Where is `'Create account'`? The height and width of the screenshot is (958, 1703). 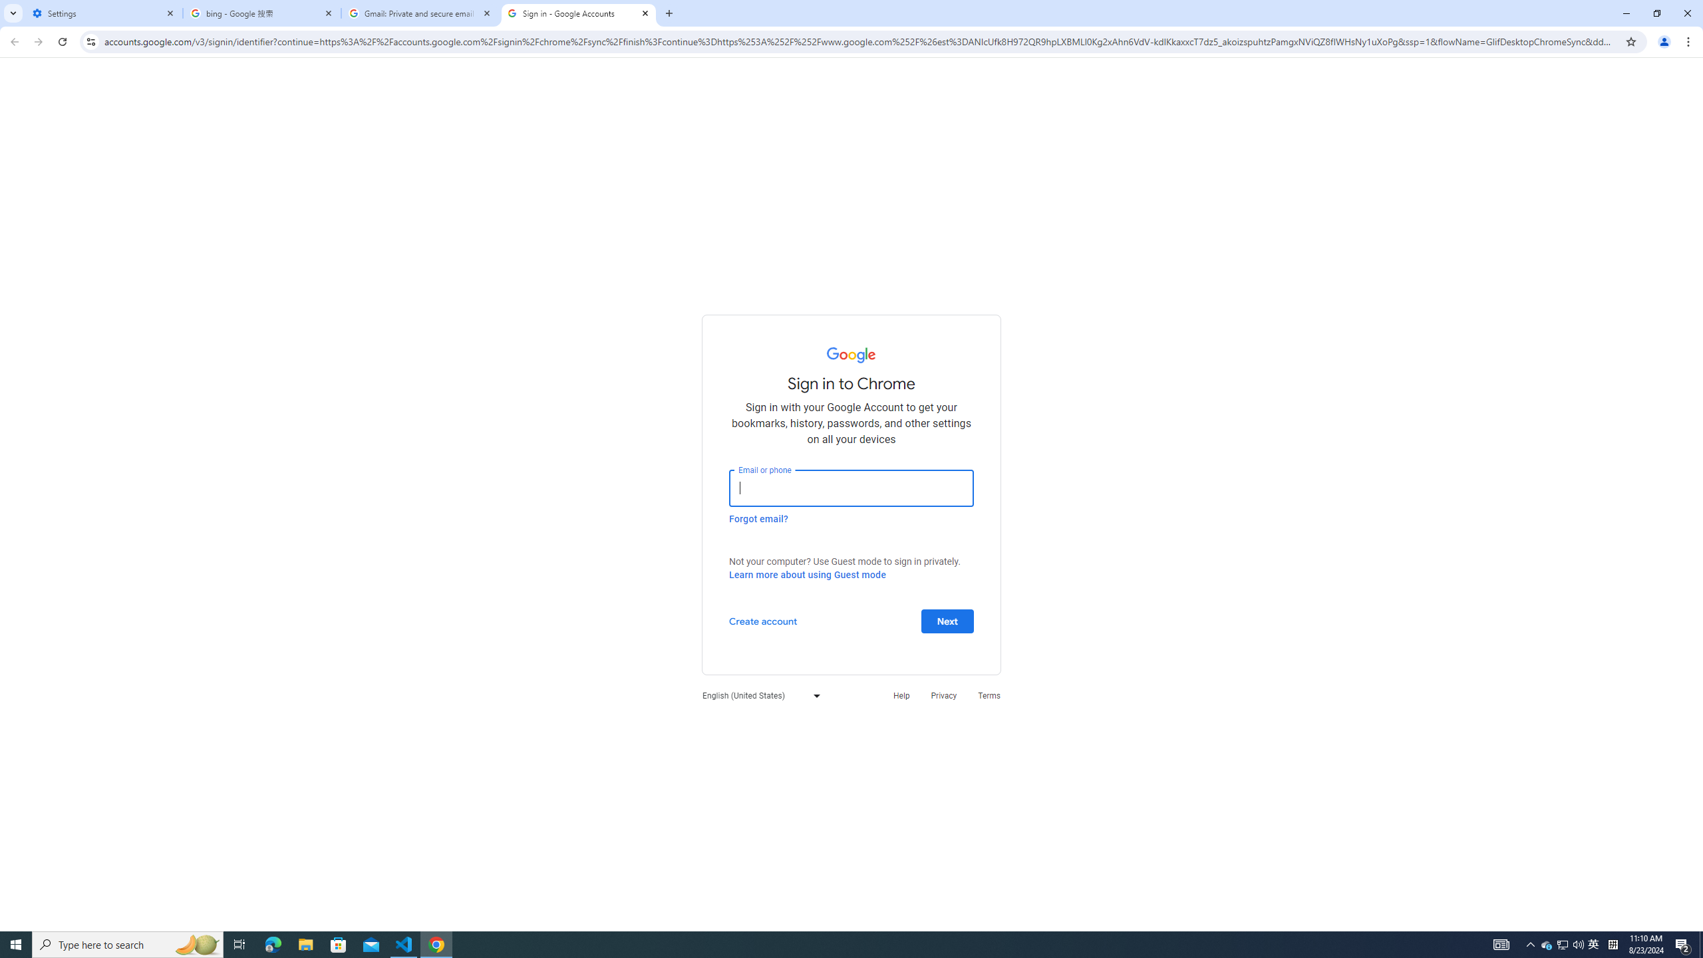
'Create account' is located at coordinates (762, 620).